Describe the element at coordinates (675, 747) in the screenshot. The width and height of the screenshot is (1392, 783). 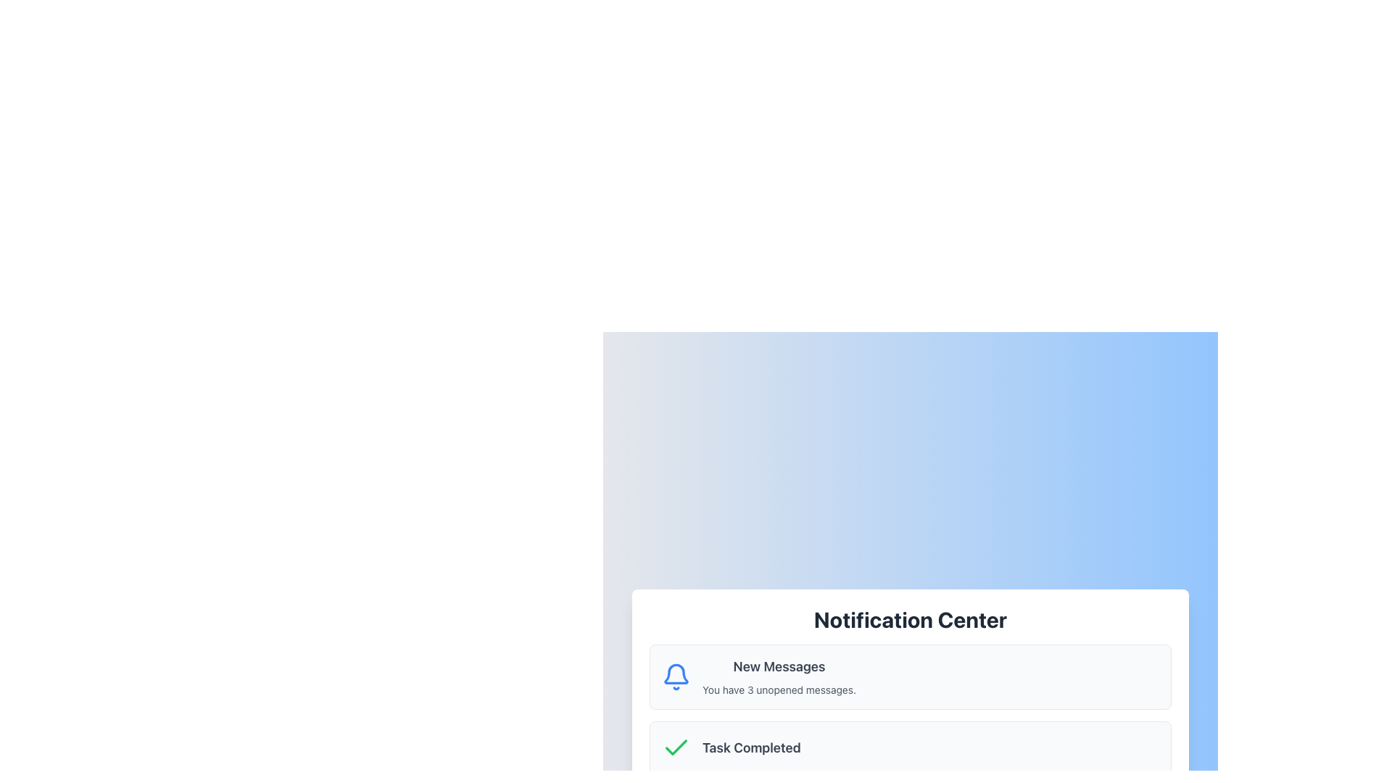
I see `the green checkmark icon within the 'Task Completed' notification in the 'Notification Center'` at that location.